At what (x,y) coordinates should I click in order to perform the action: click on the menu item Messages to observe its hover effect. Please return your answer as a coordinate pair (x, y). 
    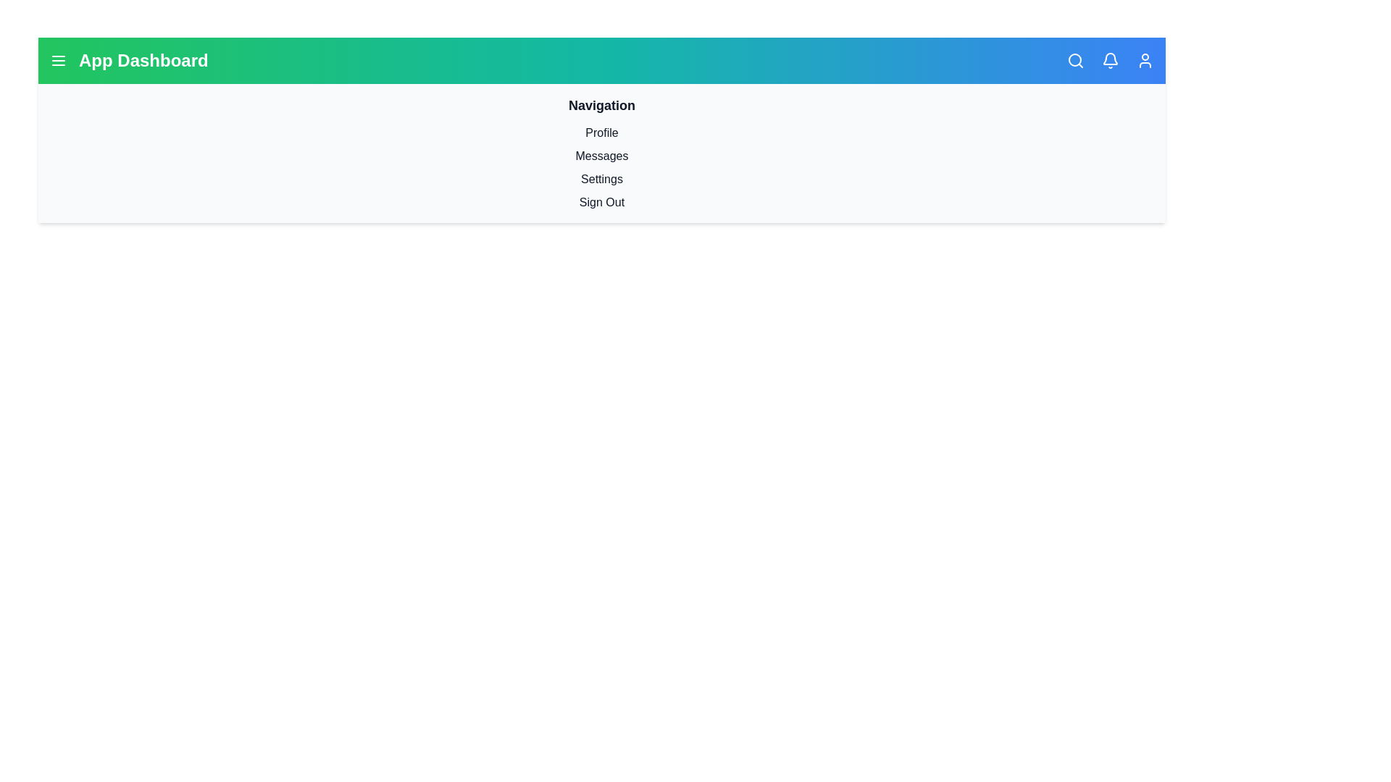
    Looking at the image, I should click on (601, 156).